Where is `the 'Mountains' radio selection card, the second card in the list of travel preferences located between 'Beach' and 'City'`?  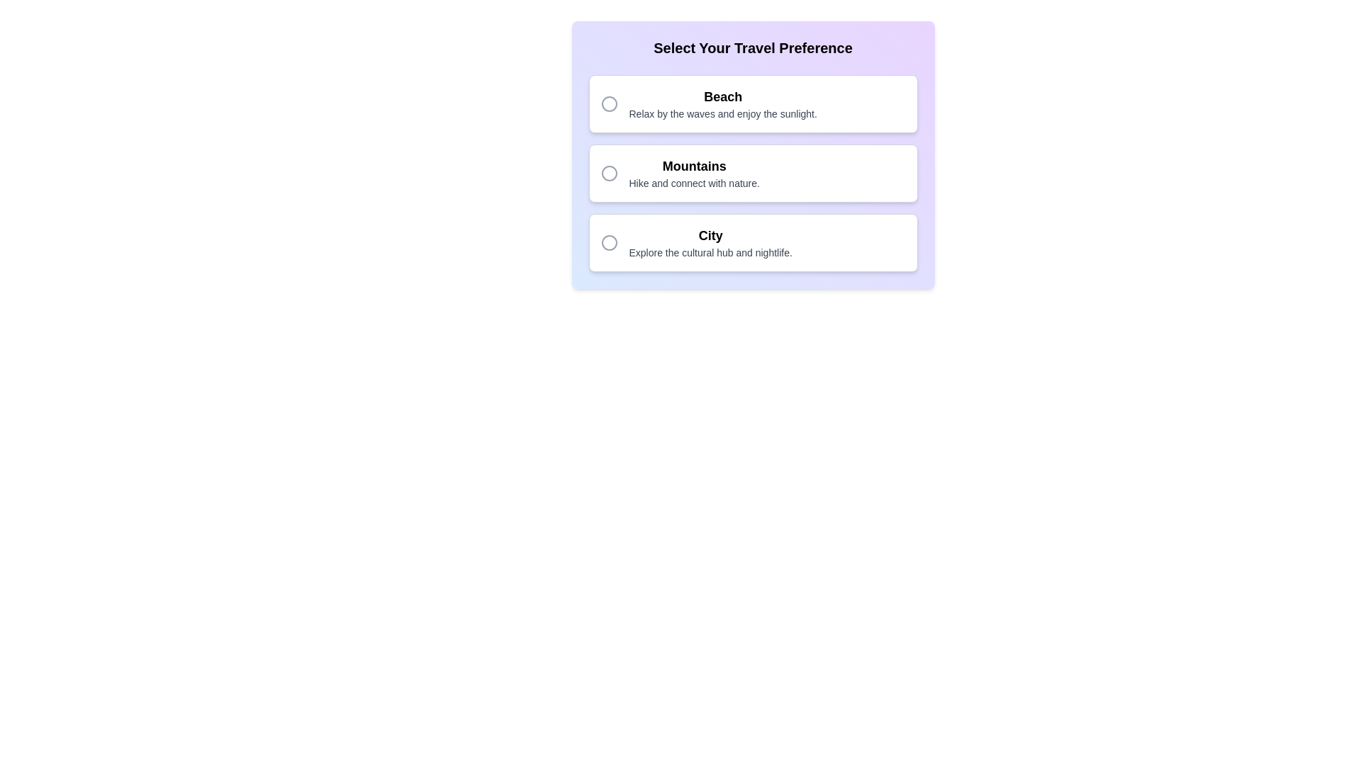 the 'Mountains' radio selection card, the second card in the list of travel preferences located between 'Beach' and 'City' is located at coordinates (752, 173).